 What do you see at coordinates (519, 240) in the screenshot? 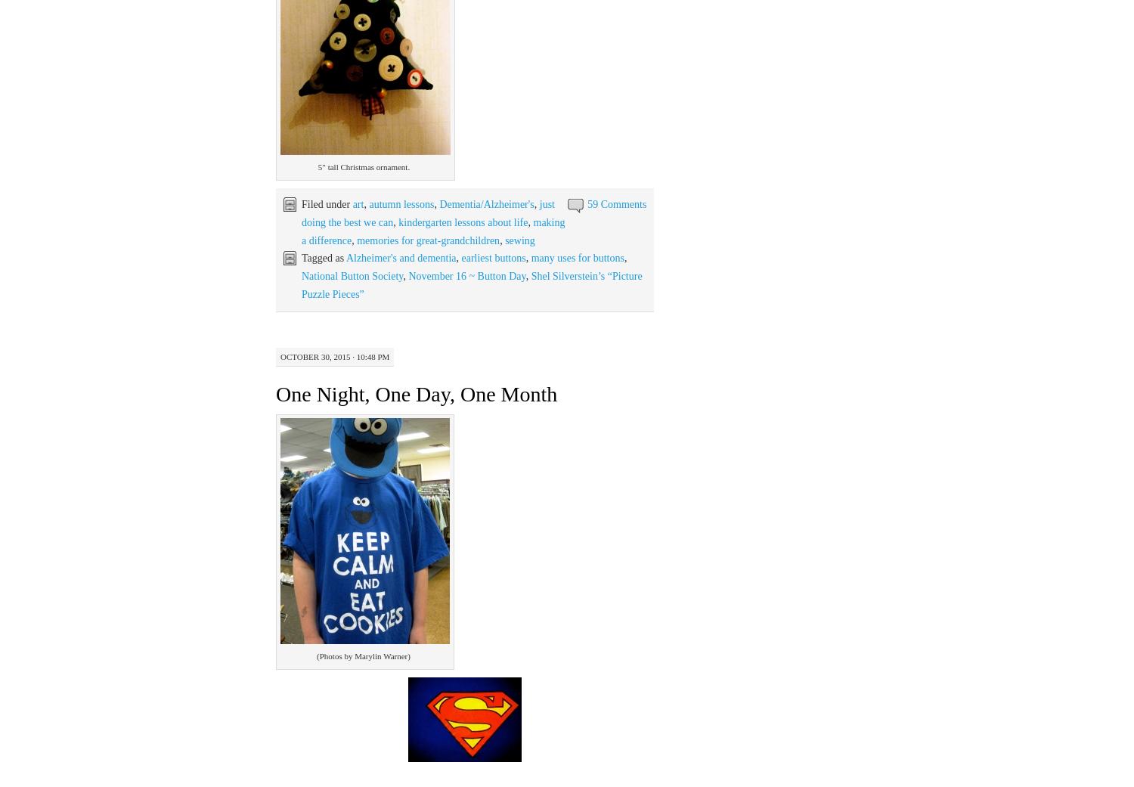
I see `'sewing'` at bounding box center [519, 240].